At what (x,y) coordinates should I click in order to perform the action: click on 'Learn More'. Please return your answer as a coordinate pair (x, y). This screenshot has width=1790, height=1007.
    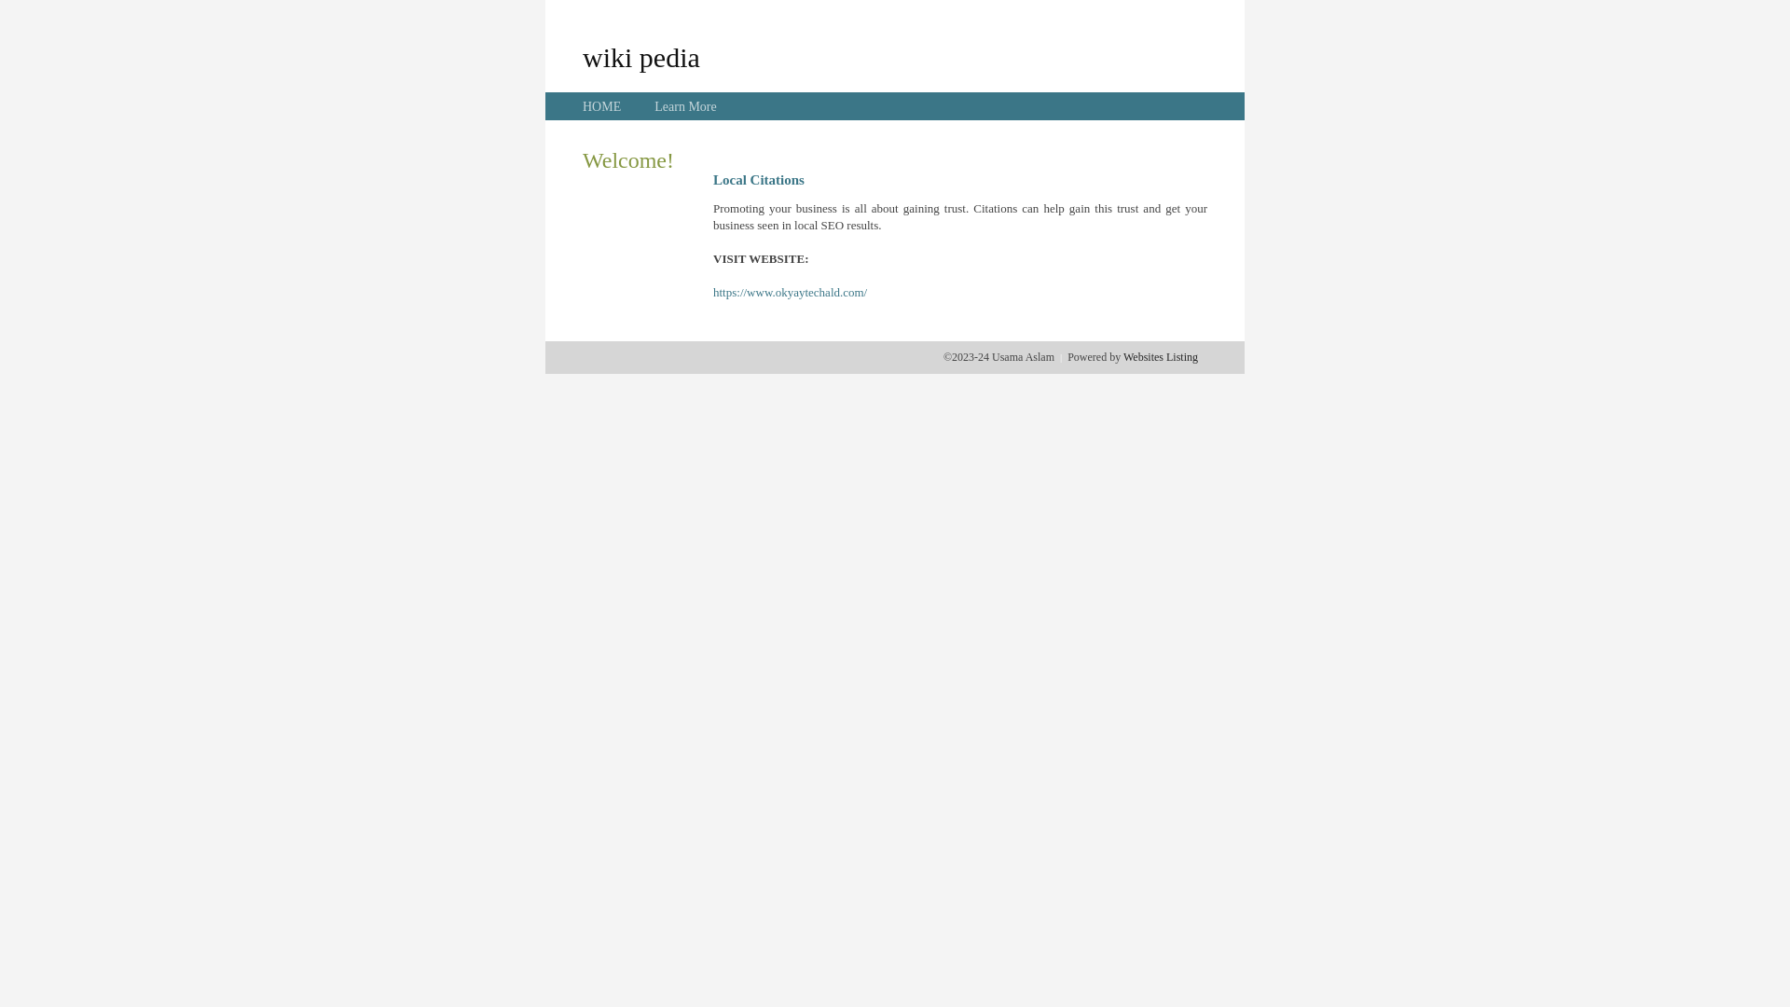
    Looking at the image, I should click on (654, 106).